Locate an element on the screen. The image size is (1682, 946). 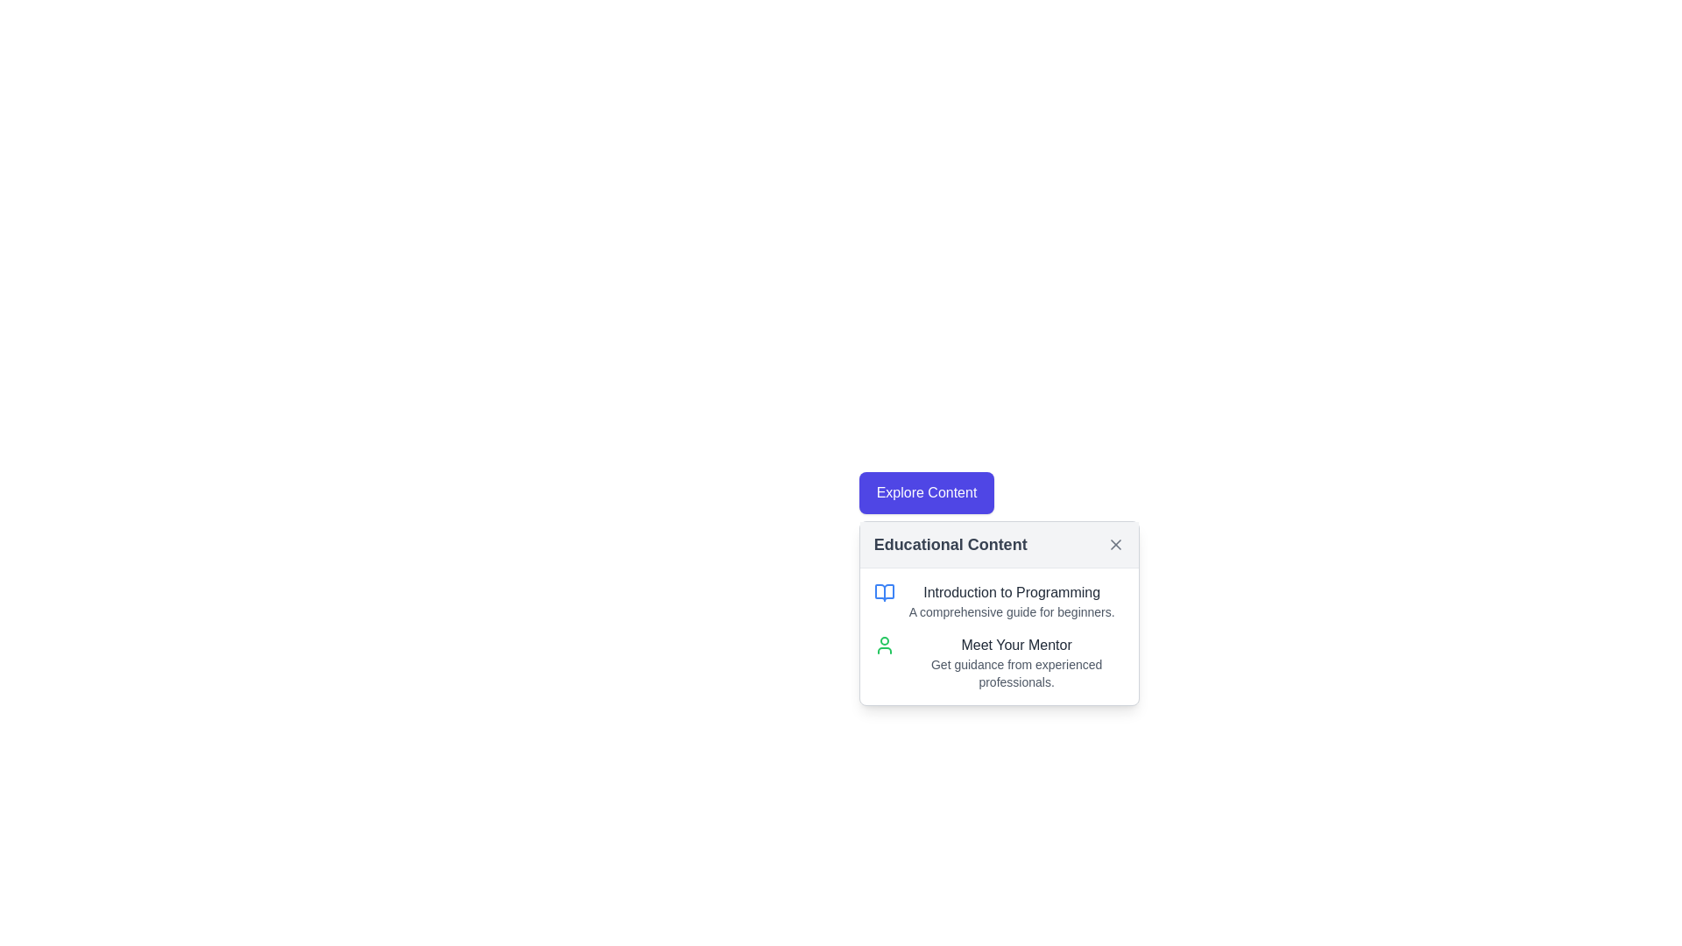
the 'Explore Content' button with a blue background and white text located in the 'Educational Content' panel is located at coordinates (925, 493).